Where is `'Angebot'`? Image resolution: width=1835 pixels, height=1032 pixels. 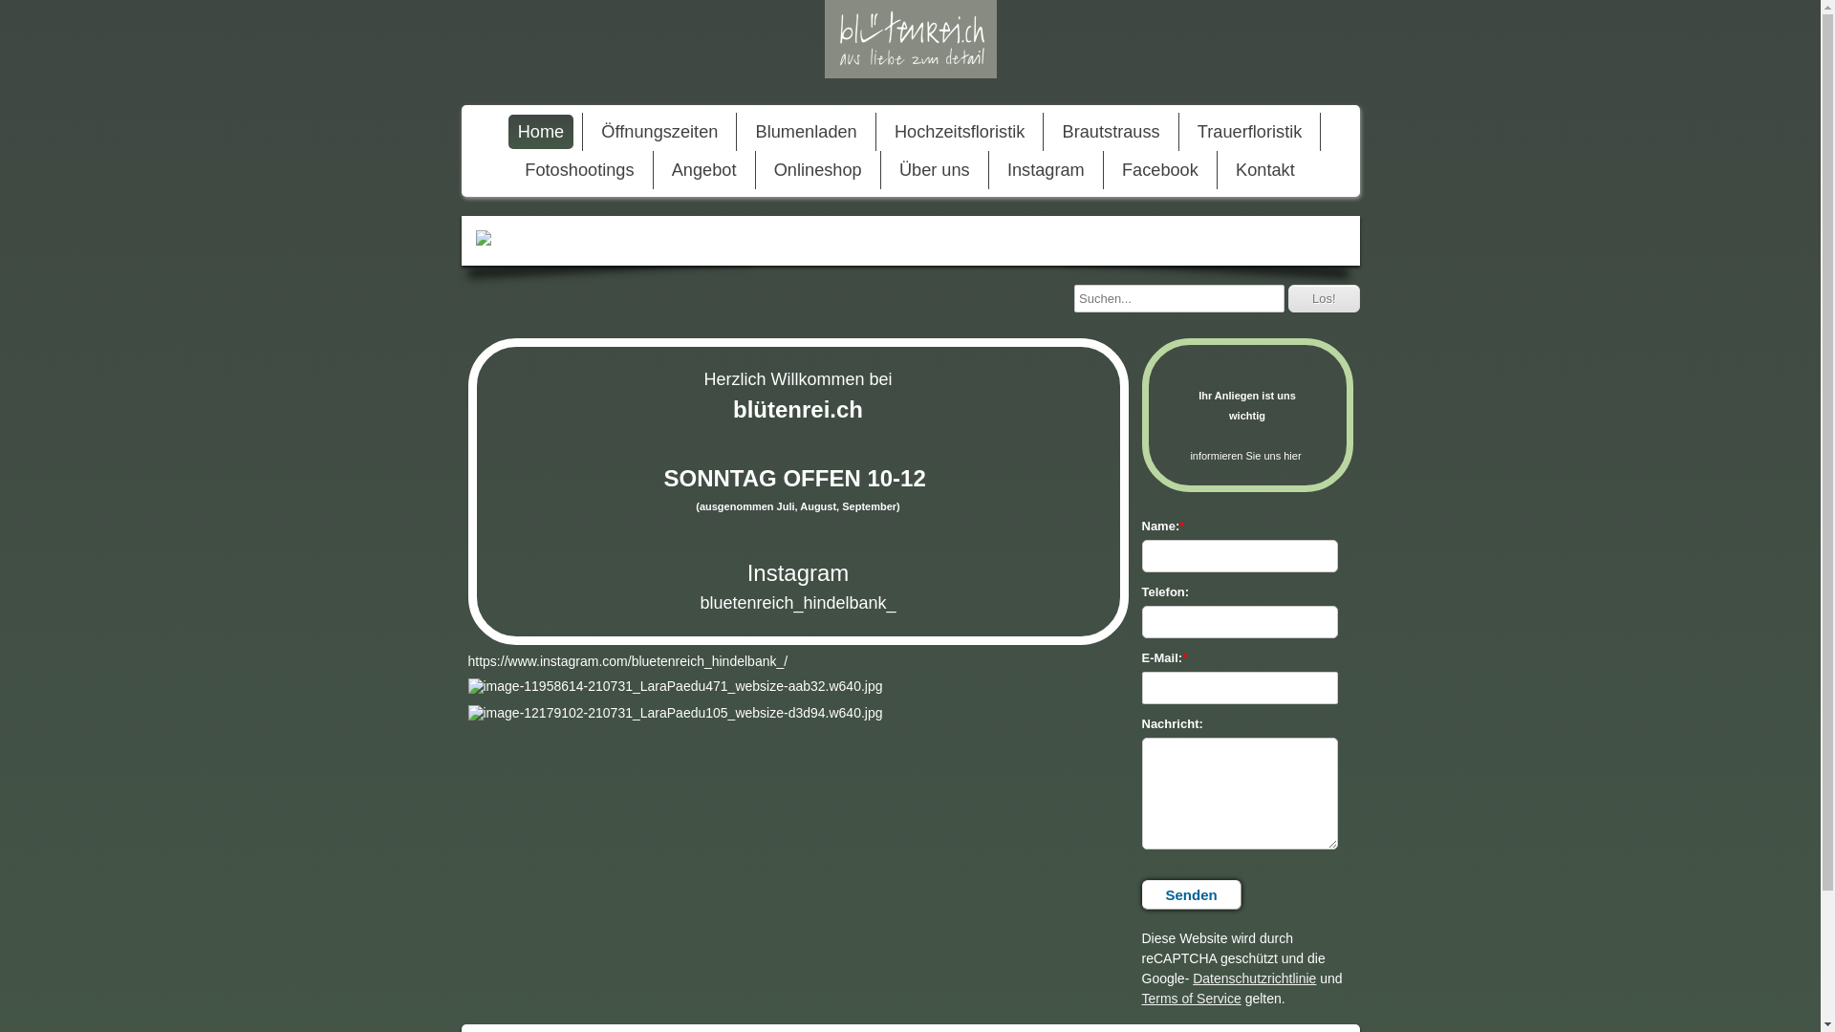 'Angebot' is located at coordinates (661, 168).